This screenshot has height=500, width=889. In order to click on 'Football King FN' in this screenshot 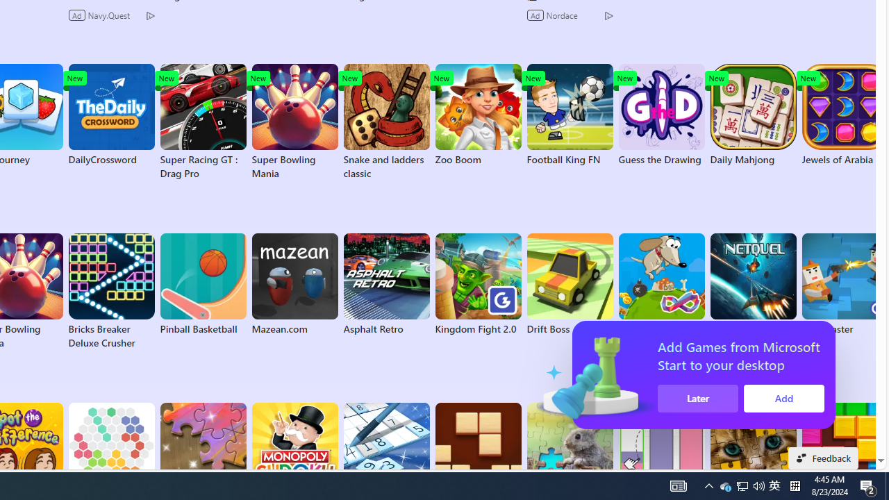, I will do `click(570, 114)`.